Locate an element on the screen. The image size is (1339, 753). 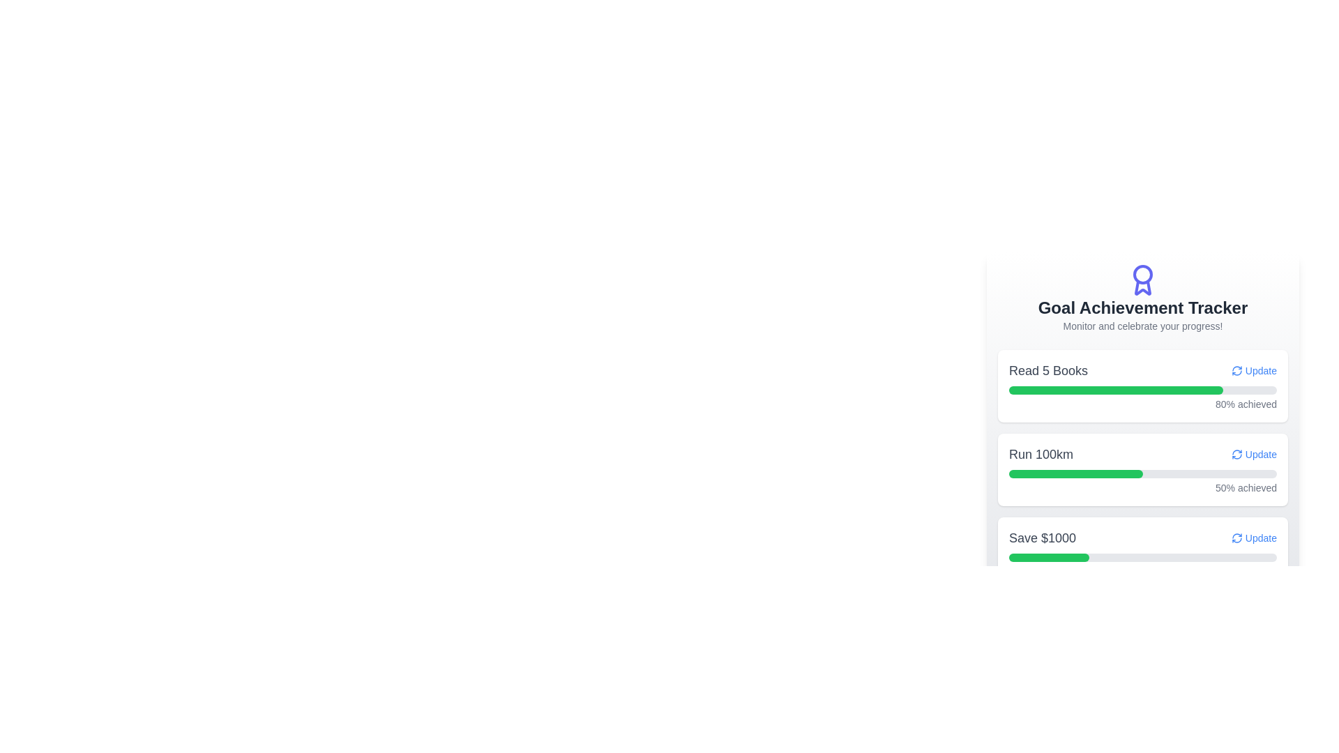
the Icon Button located on the right side of the 'Run 100km' progress tracker block is located at coordinates (1236, 454).